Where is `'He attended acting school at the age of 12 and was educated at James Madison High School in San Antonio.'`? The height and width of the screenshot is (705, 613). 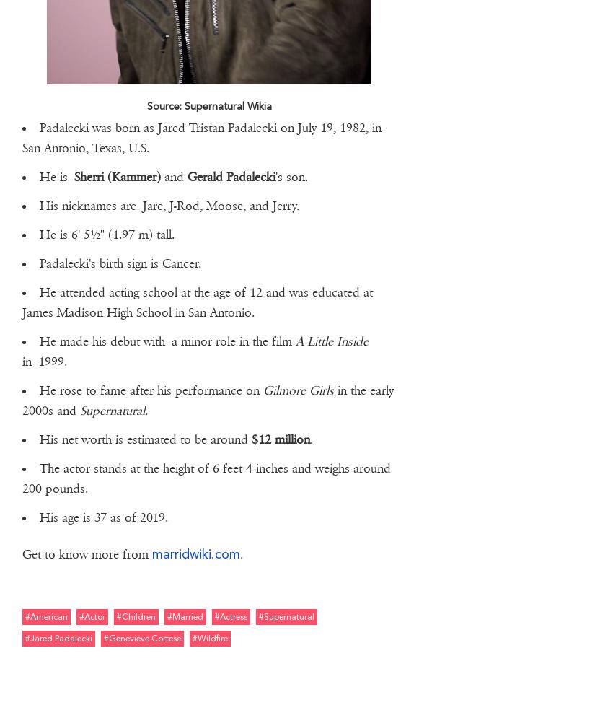
'He attended acting school at the age of 12 and was educated at James Madison High School in San Antonio.' is located at coordinates (196, 302).